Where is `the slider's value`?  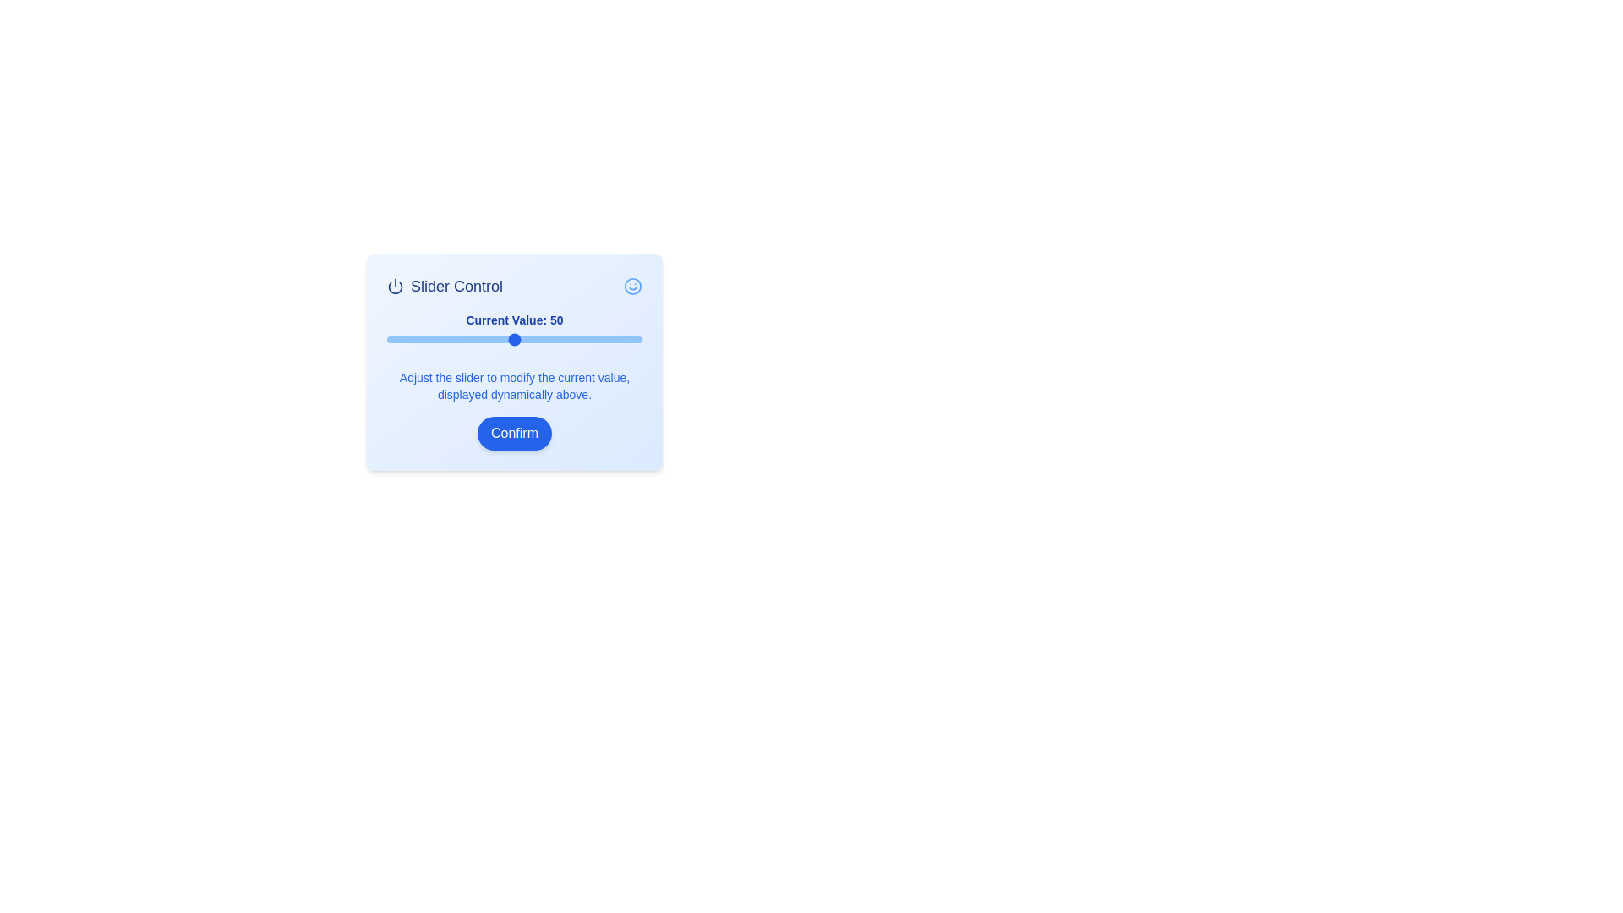
the slider's value is located at coordinates (550, 339).